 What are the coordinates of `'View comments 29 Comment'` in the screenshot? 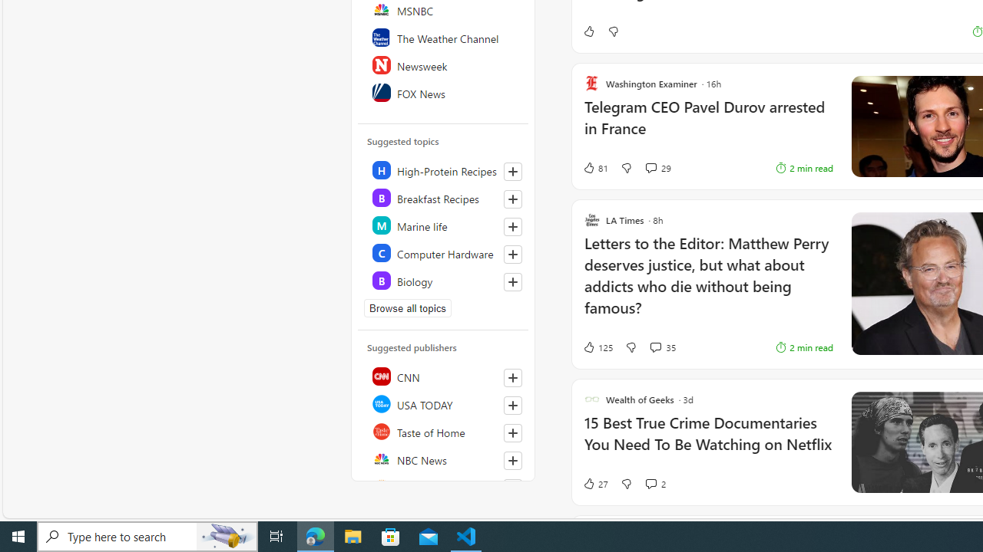 It's located at (657, 168).